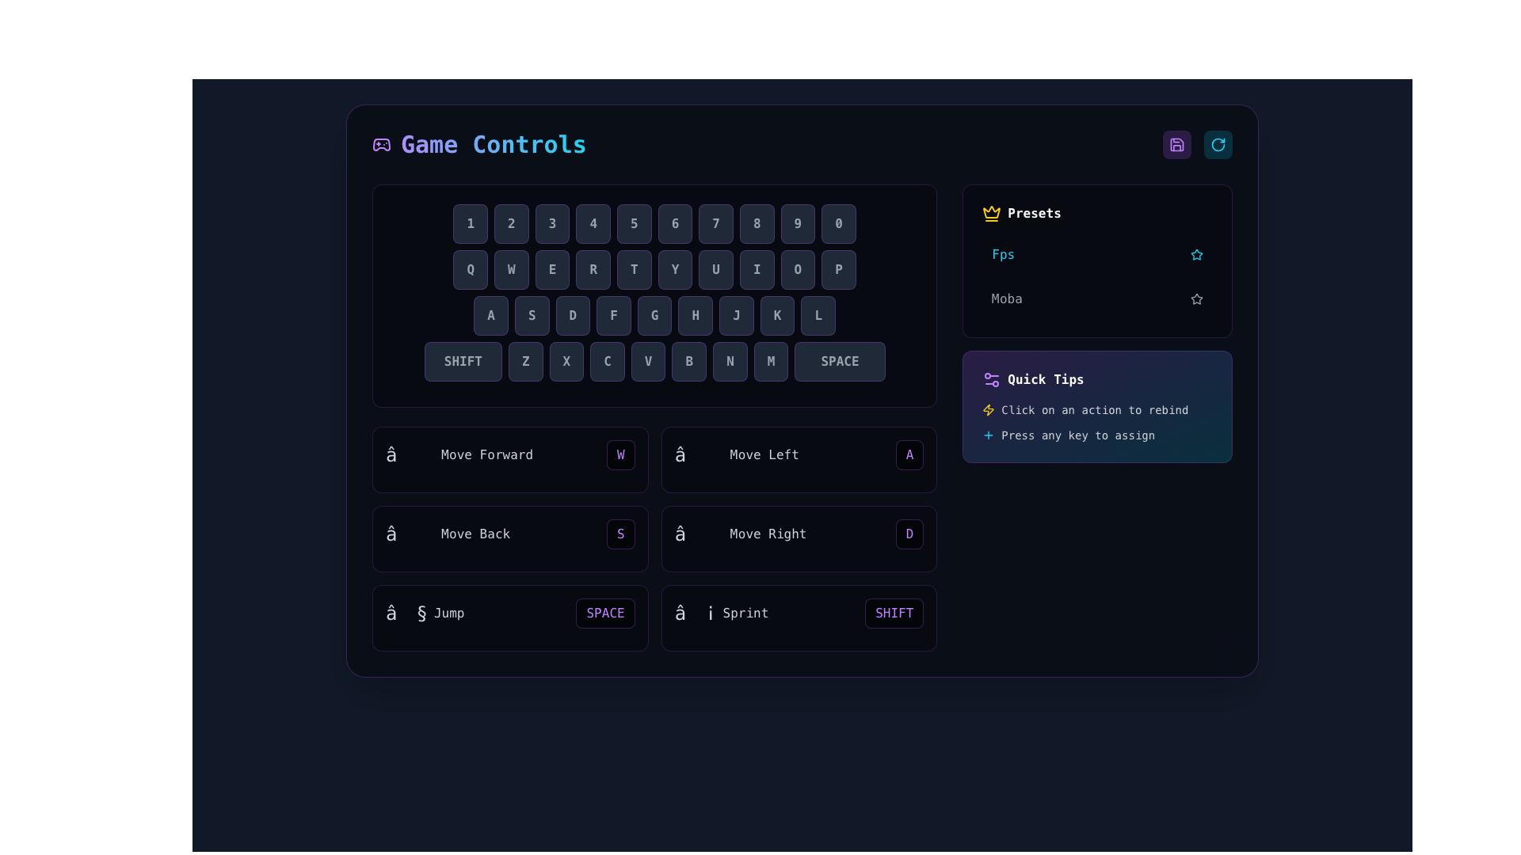 This screenshot has height=855, width=1521. Describe the element at coordinates (552, 223) in the screenshot. I see `the button representing the number '3' in the virtual keyboard interface, which is positioned between the buttons labeled '2' and '4'` at that location.